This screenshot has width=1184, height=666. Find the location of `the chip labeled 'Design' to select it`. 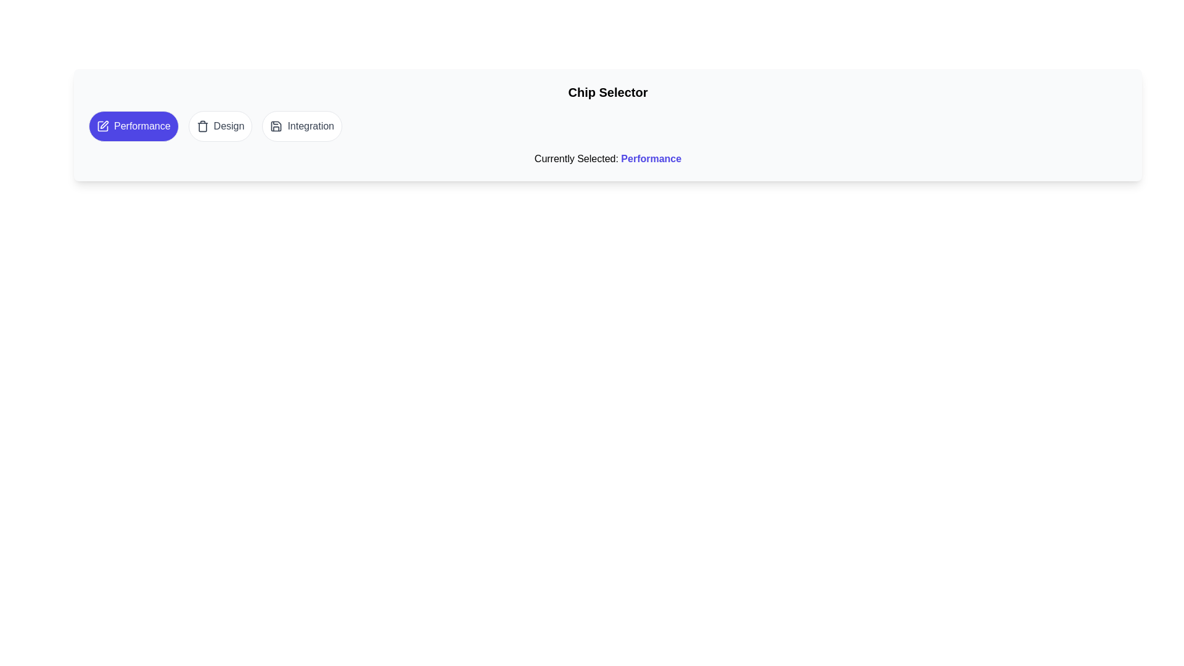

the chip labeled 'Design' to select it is located at coordinates (220, 126).